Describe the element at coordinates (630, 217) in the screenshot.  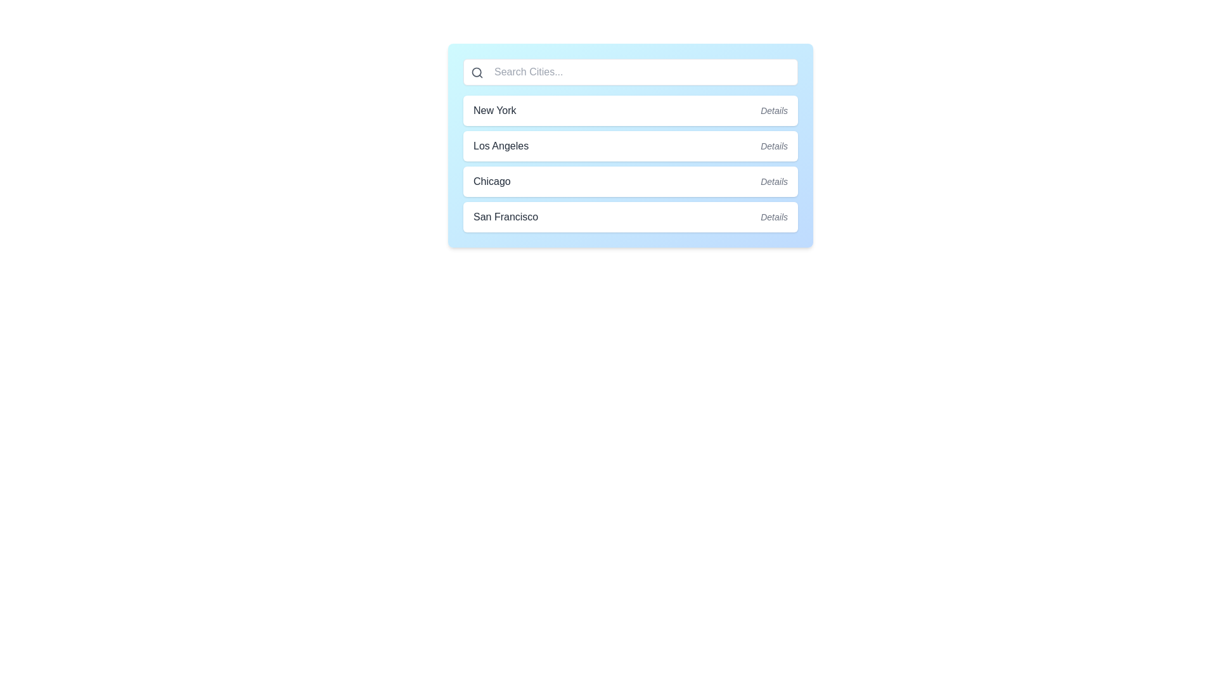
I see `the interactive list item labeled 'San Francisco'` at that location.